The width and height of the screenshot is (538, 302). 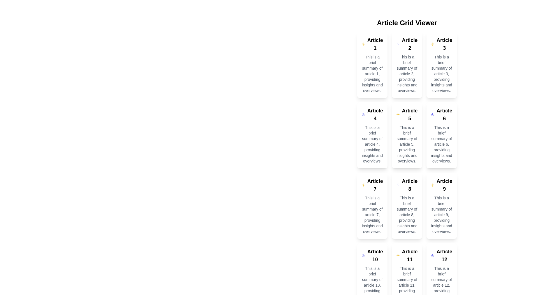 I want to click on summary text from the Informational card displaying an overview of Article 6, which is located in the third row and third column of the grid structure, so click(x=441, y=135).